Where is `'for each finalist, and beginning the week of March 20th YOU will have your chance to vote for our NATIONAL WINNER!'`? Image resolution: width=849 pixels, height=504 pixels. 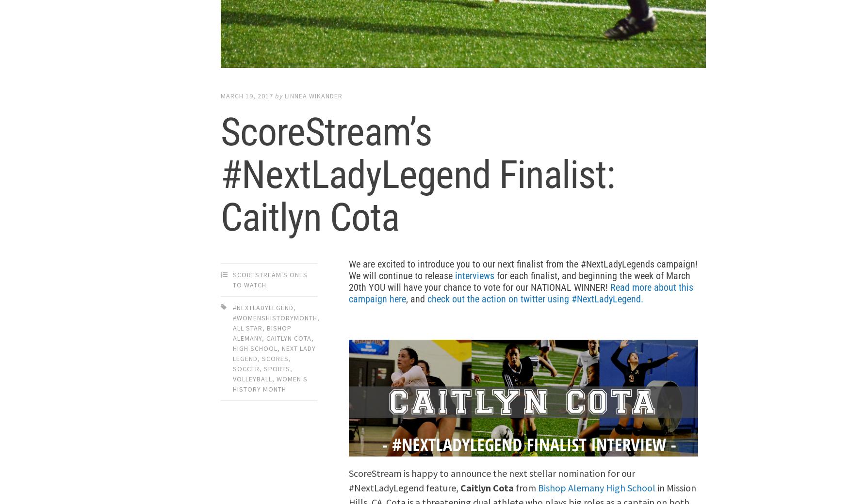 'for each finalist, and beginning the week of March 20th YOU will have your chance to vote for our NATIONAL WINNER!' is located at coordinates (520, 281).